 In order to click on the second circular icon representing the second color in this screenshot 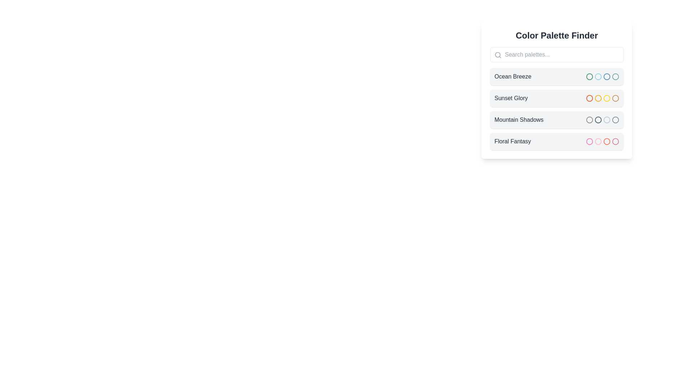, I will do `click(598, 98)`.